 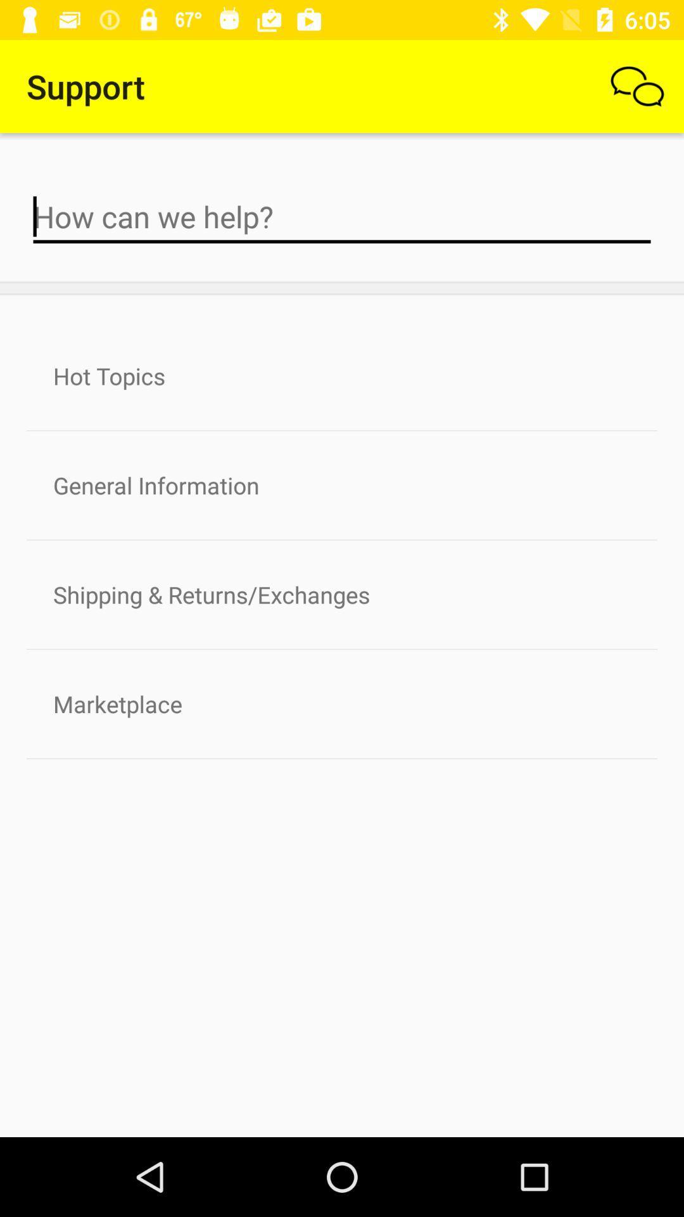 I want to click on the marketplace, so click(x=342, y=703).